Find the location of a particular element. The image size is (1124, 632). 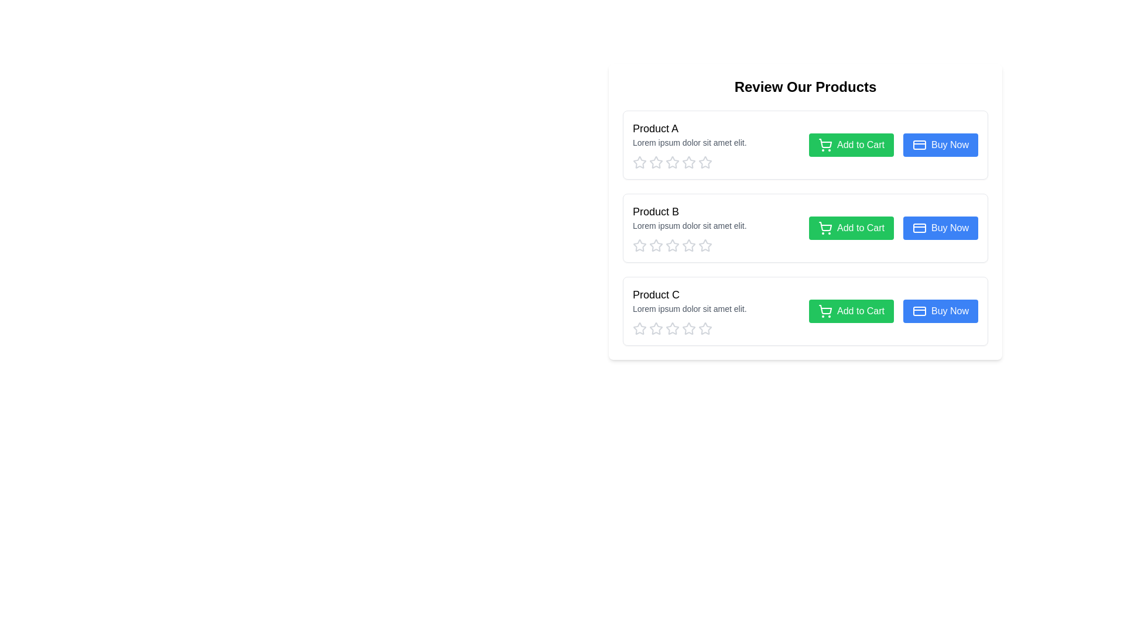

the stars in the composite information block for 'Product B' to trigger the scaling effect is located at coordinates (715, 228).